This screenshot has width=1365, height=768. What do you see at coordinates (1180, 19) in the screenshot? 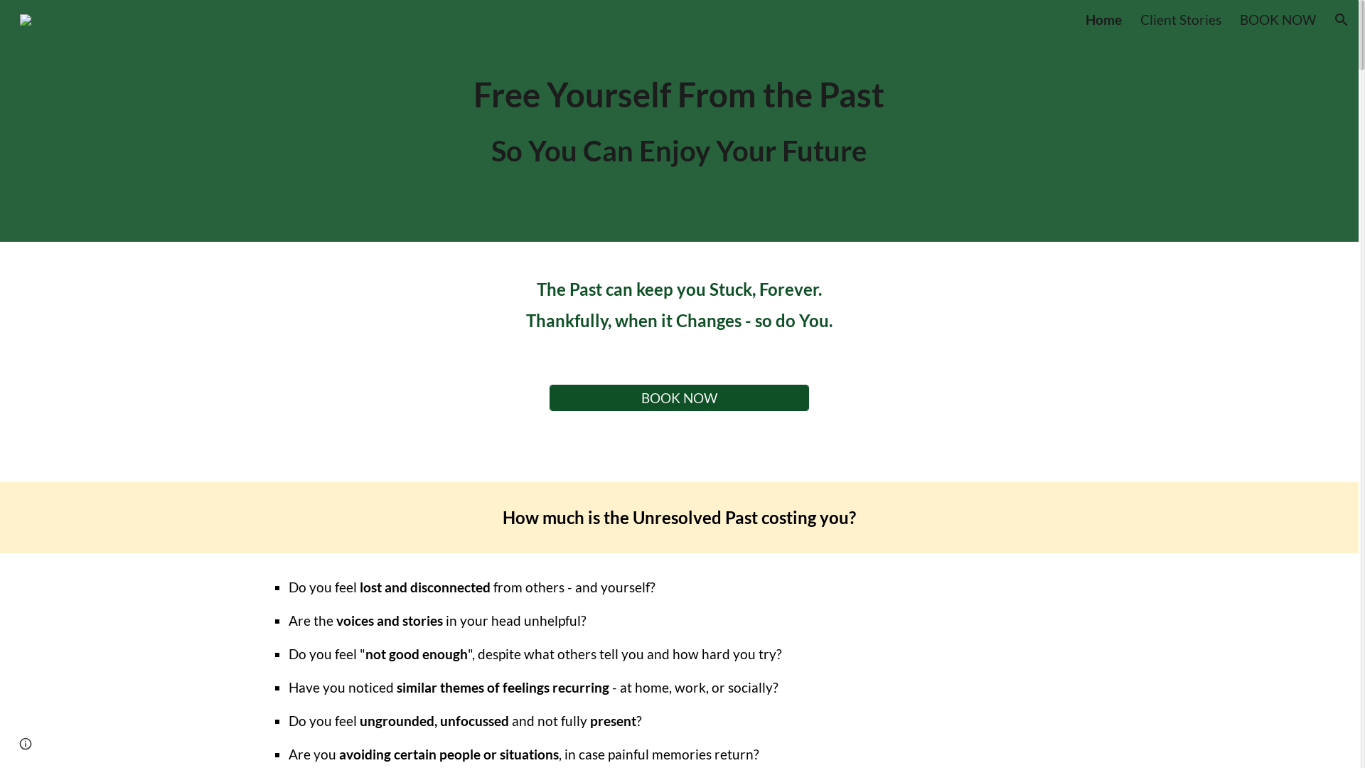
I see `'Client Stories'` at bounding box center [1180, 19].